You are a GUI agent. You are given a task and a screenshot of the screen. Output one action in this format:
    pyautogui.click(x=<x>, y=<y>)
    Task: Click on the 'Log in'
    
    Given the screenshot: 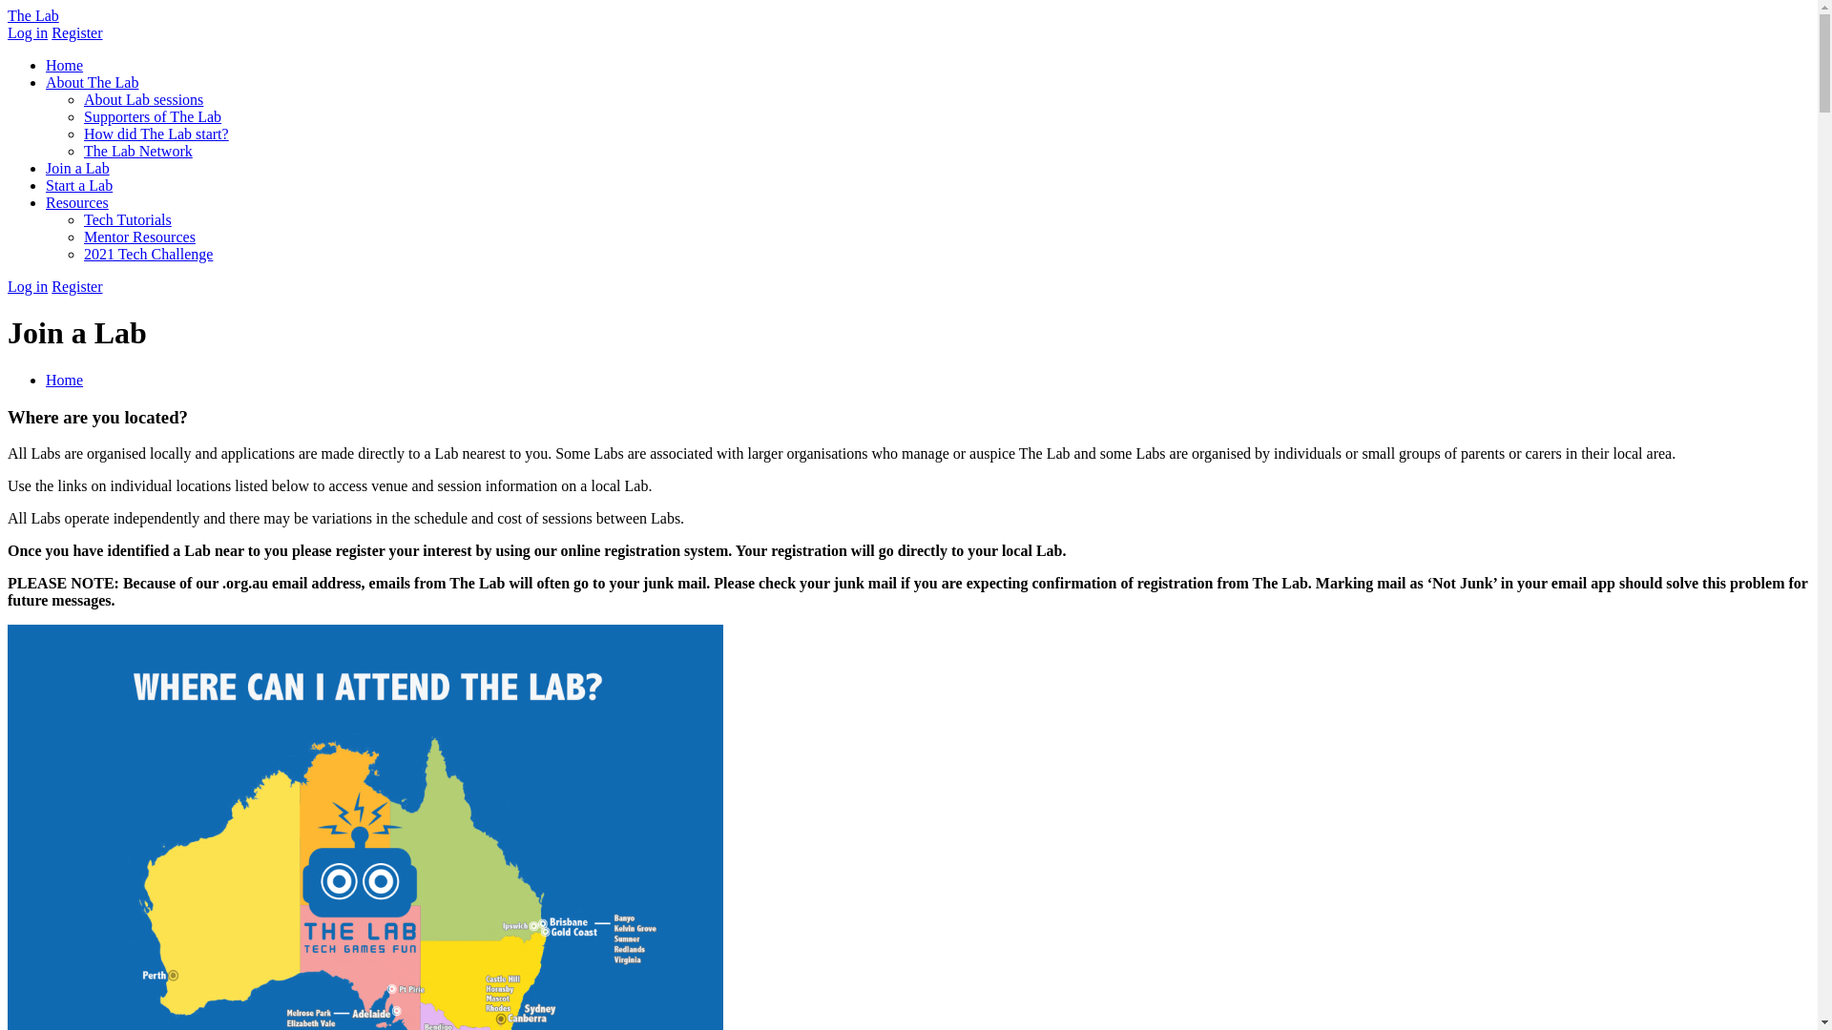 What is the action you would take?
    pyautogui.click(x=27, y=286)
    